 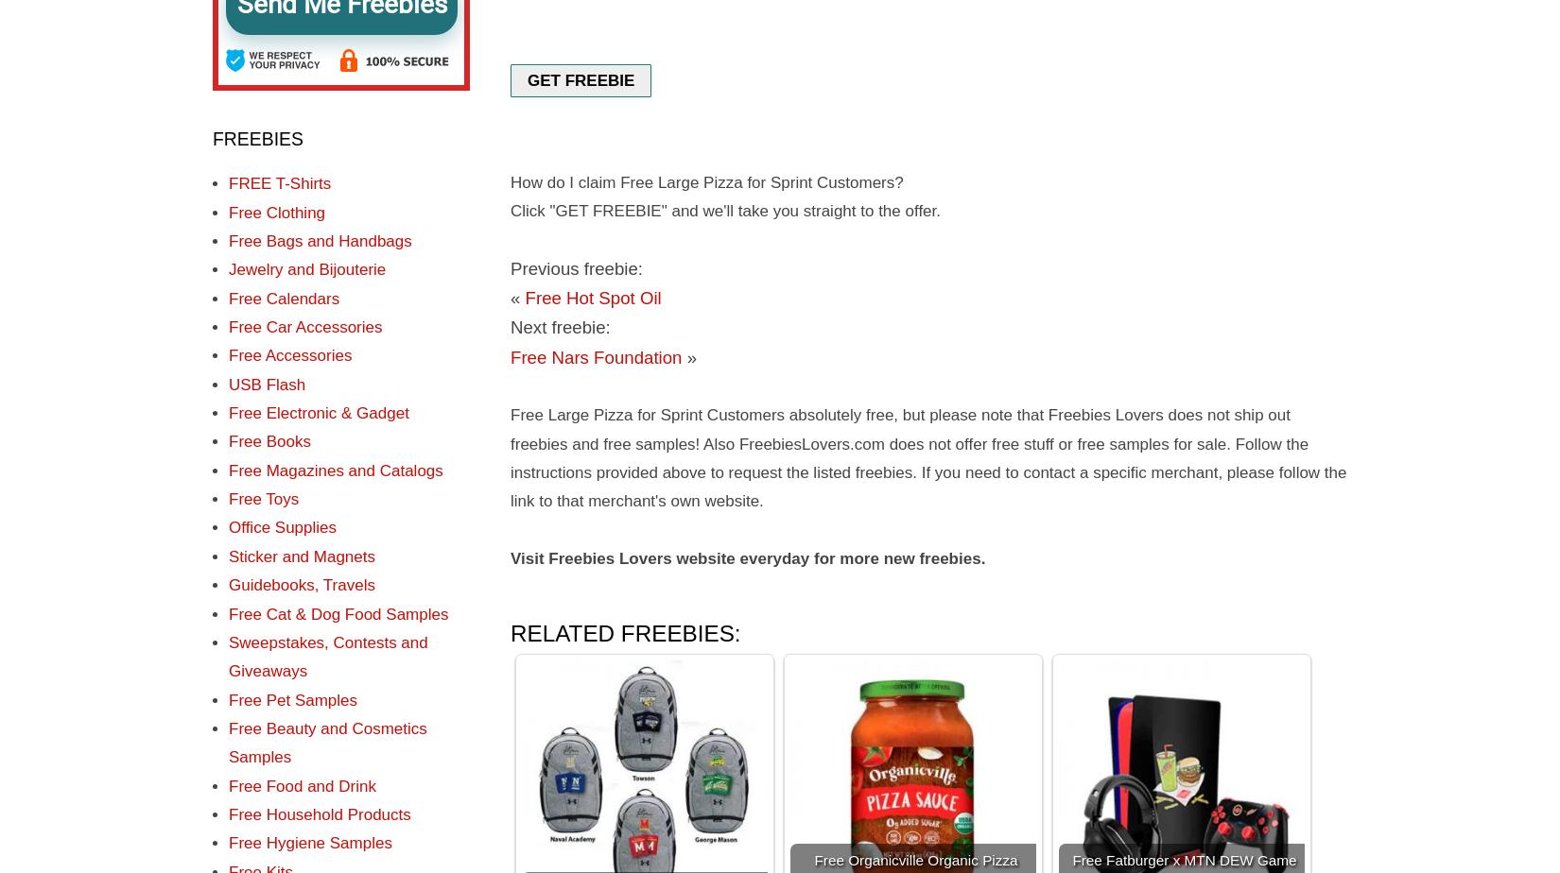 I want to click on 'Related freebies:', so click(x=624, y=632).